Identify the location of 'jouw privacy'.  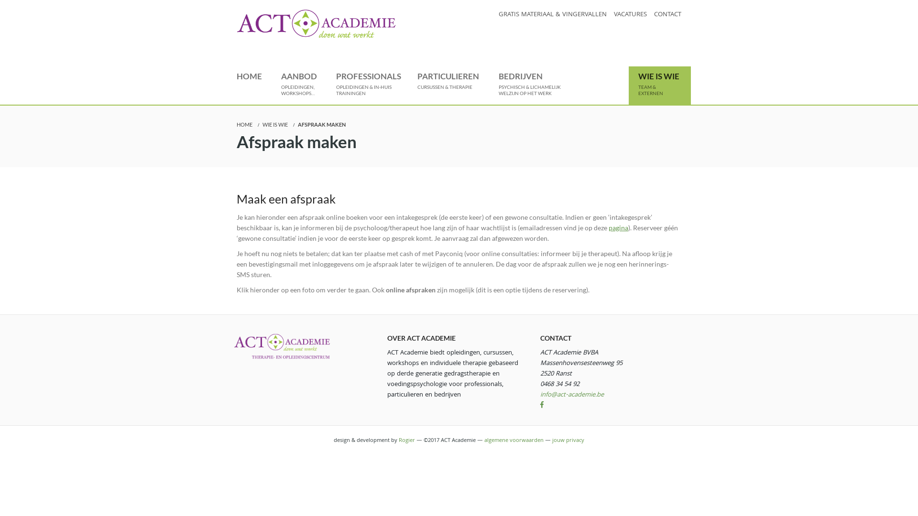
(568, 441).